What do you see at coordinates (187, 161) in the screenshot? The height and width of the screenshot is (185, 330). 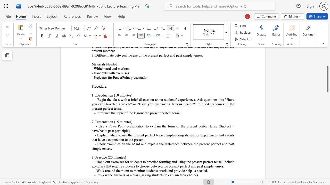 I see `the 6th character "t" in the text` at bounding box center [187, 161].